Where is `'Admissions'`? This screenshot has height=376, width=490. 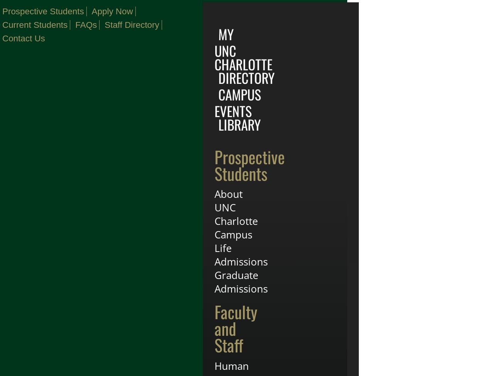 'Admissions' is located at coordinates (241, 261).